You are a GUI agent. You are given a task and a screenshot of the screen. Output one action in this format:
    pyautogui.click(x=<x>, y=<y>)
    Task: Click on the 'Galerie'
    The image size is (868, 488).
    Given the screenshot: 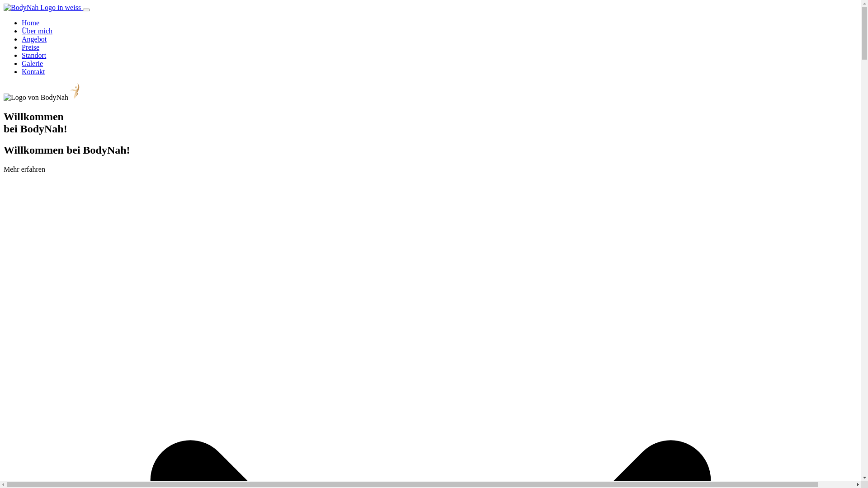 What is the action you would take?
    pyautogui.click(x=32, y=63)
    